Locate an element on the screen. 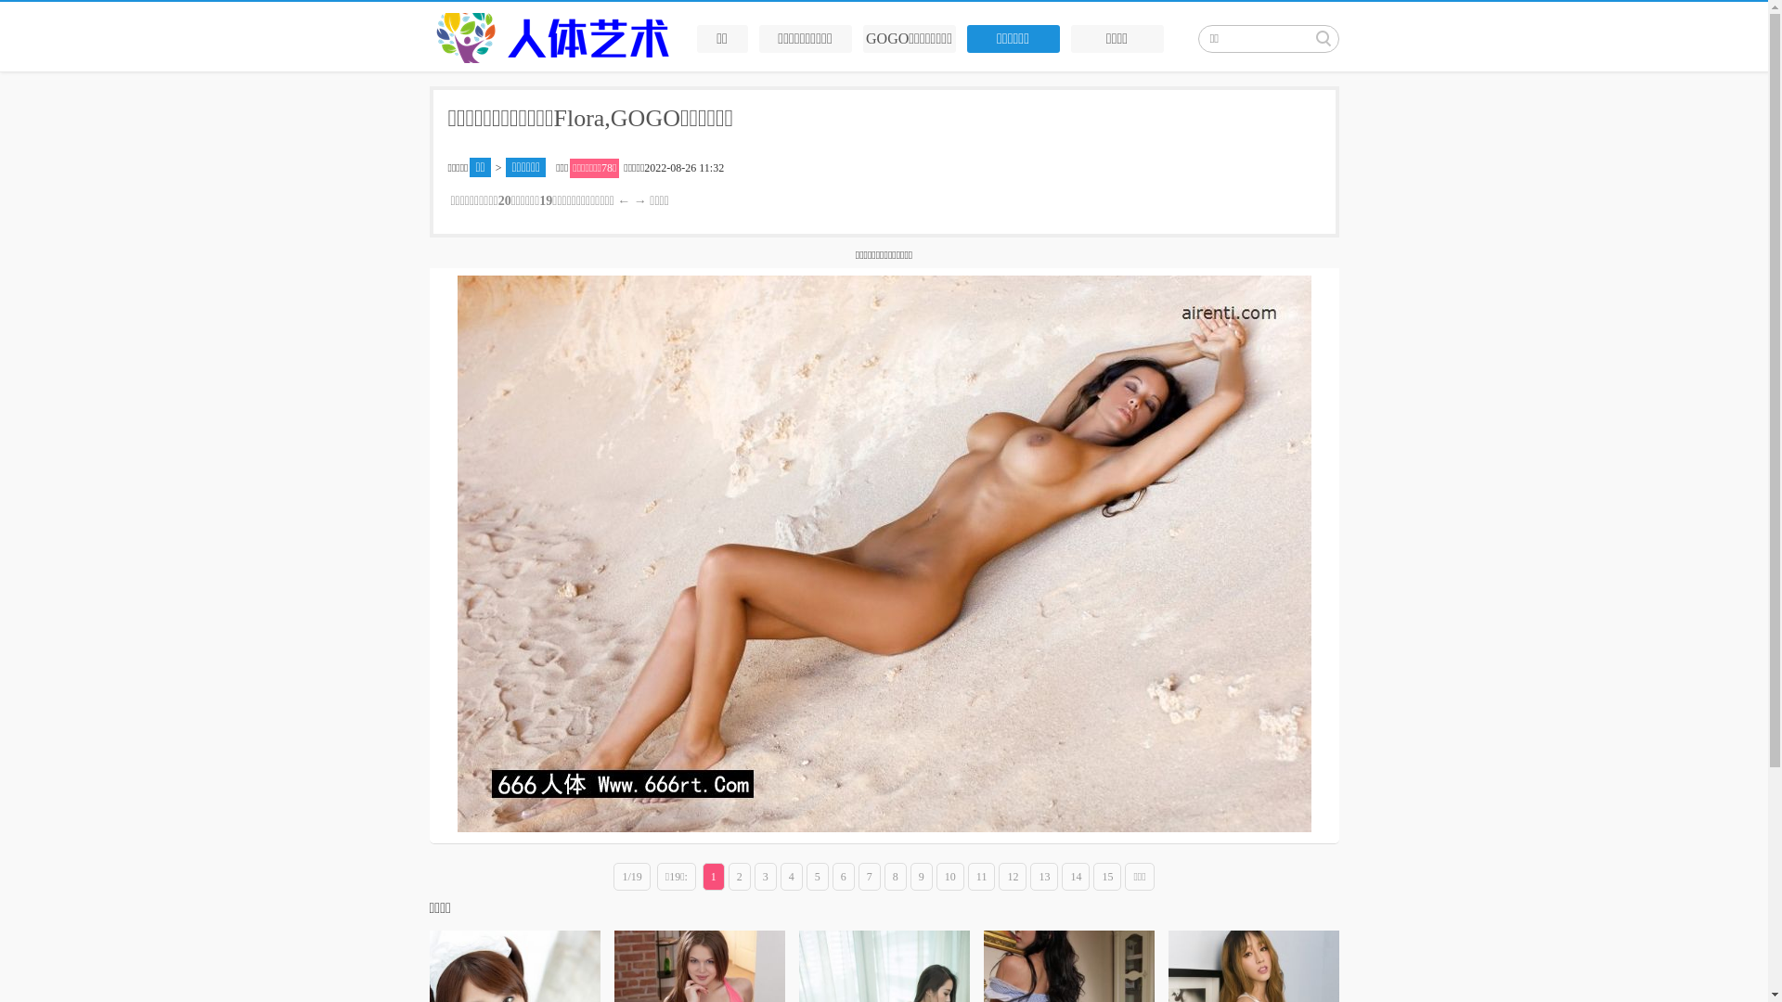 The image size is (1782, 1002). '6' is located at coordinates (842, 877).